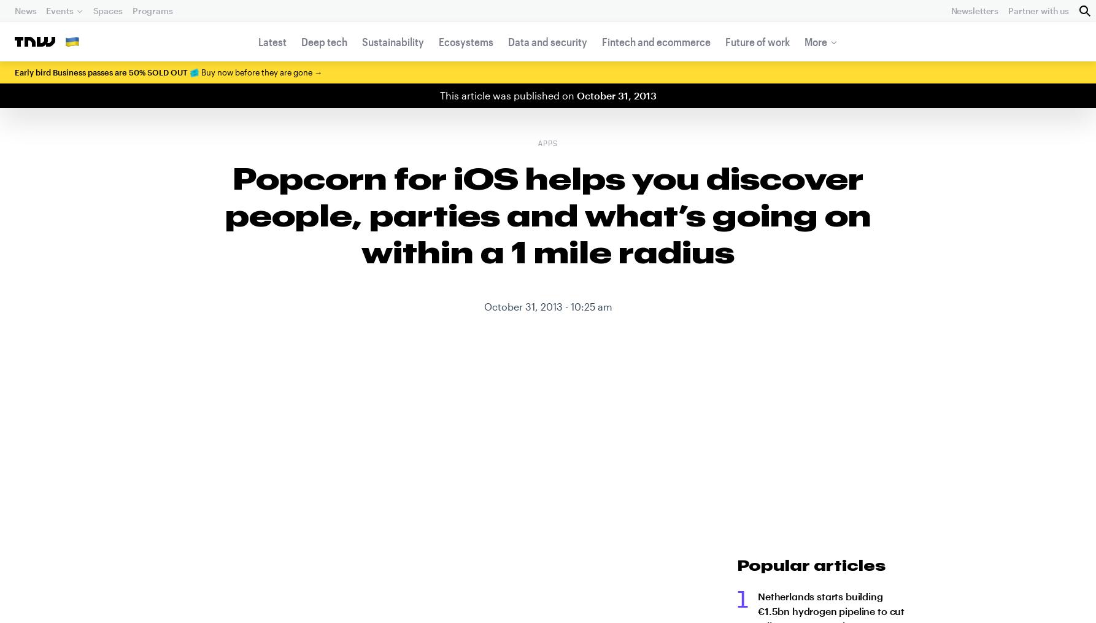 This screenshot has height=623, width=1096. I want to click on 'Newsletters', so click(974, 10).